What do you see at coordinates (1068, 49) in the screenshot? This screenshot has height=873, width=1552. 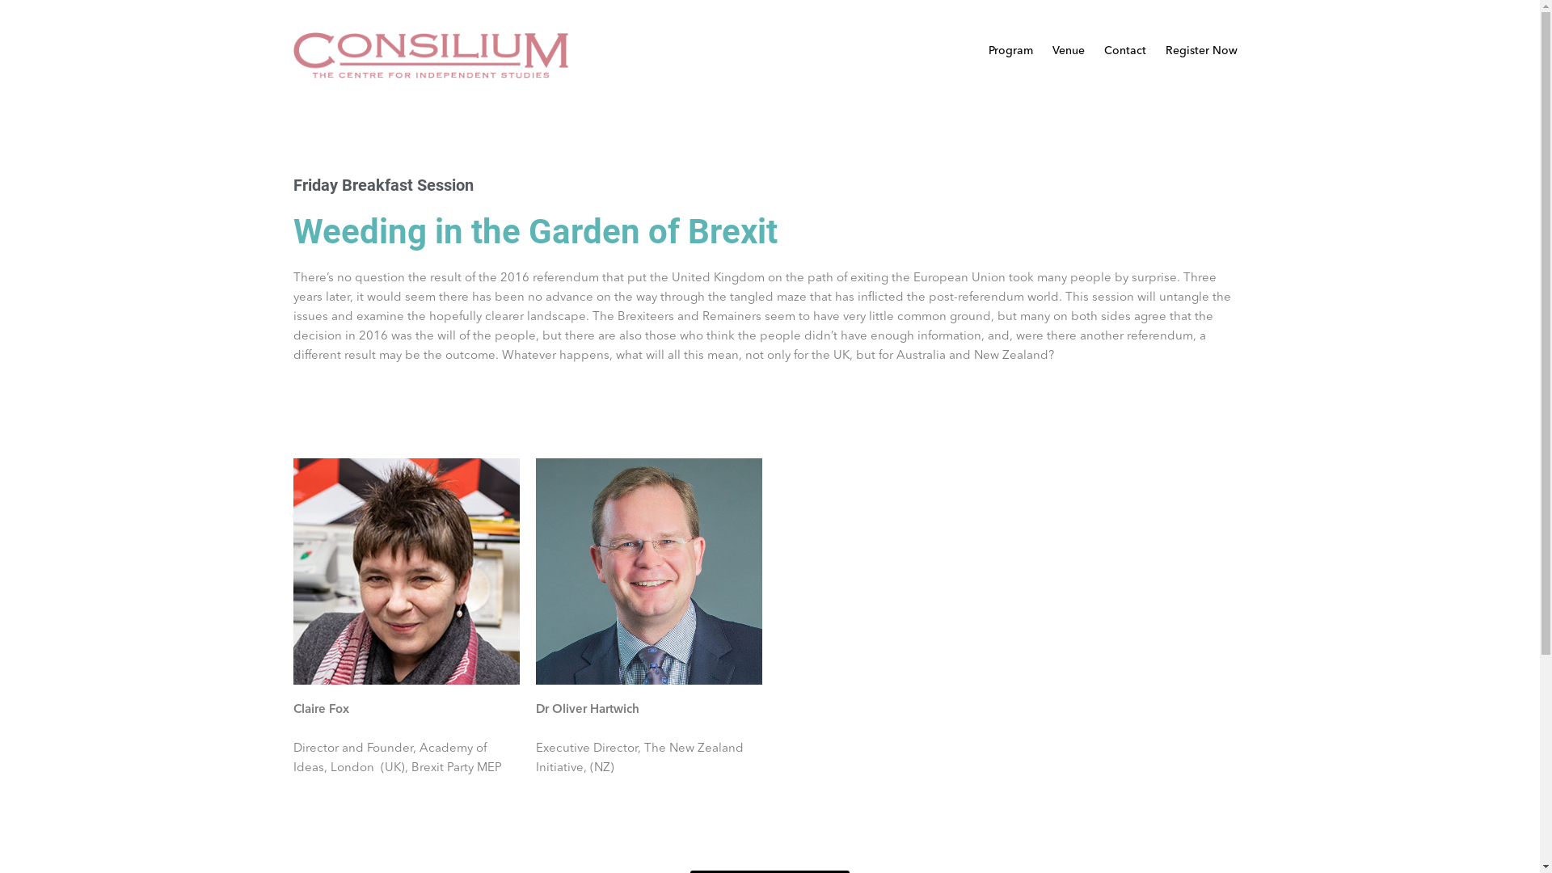 I see `'Venue'` at bounding box center [1068, 49].